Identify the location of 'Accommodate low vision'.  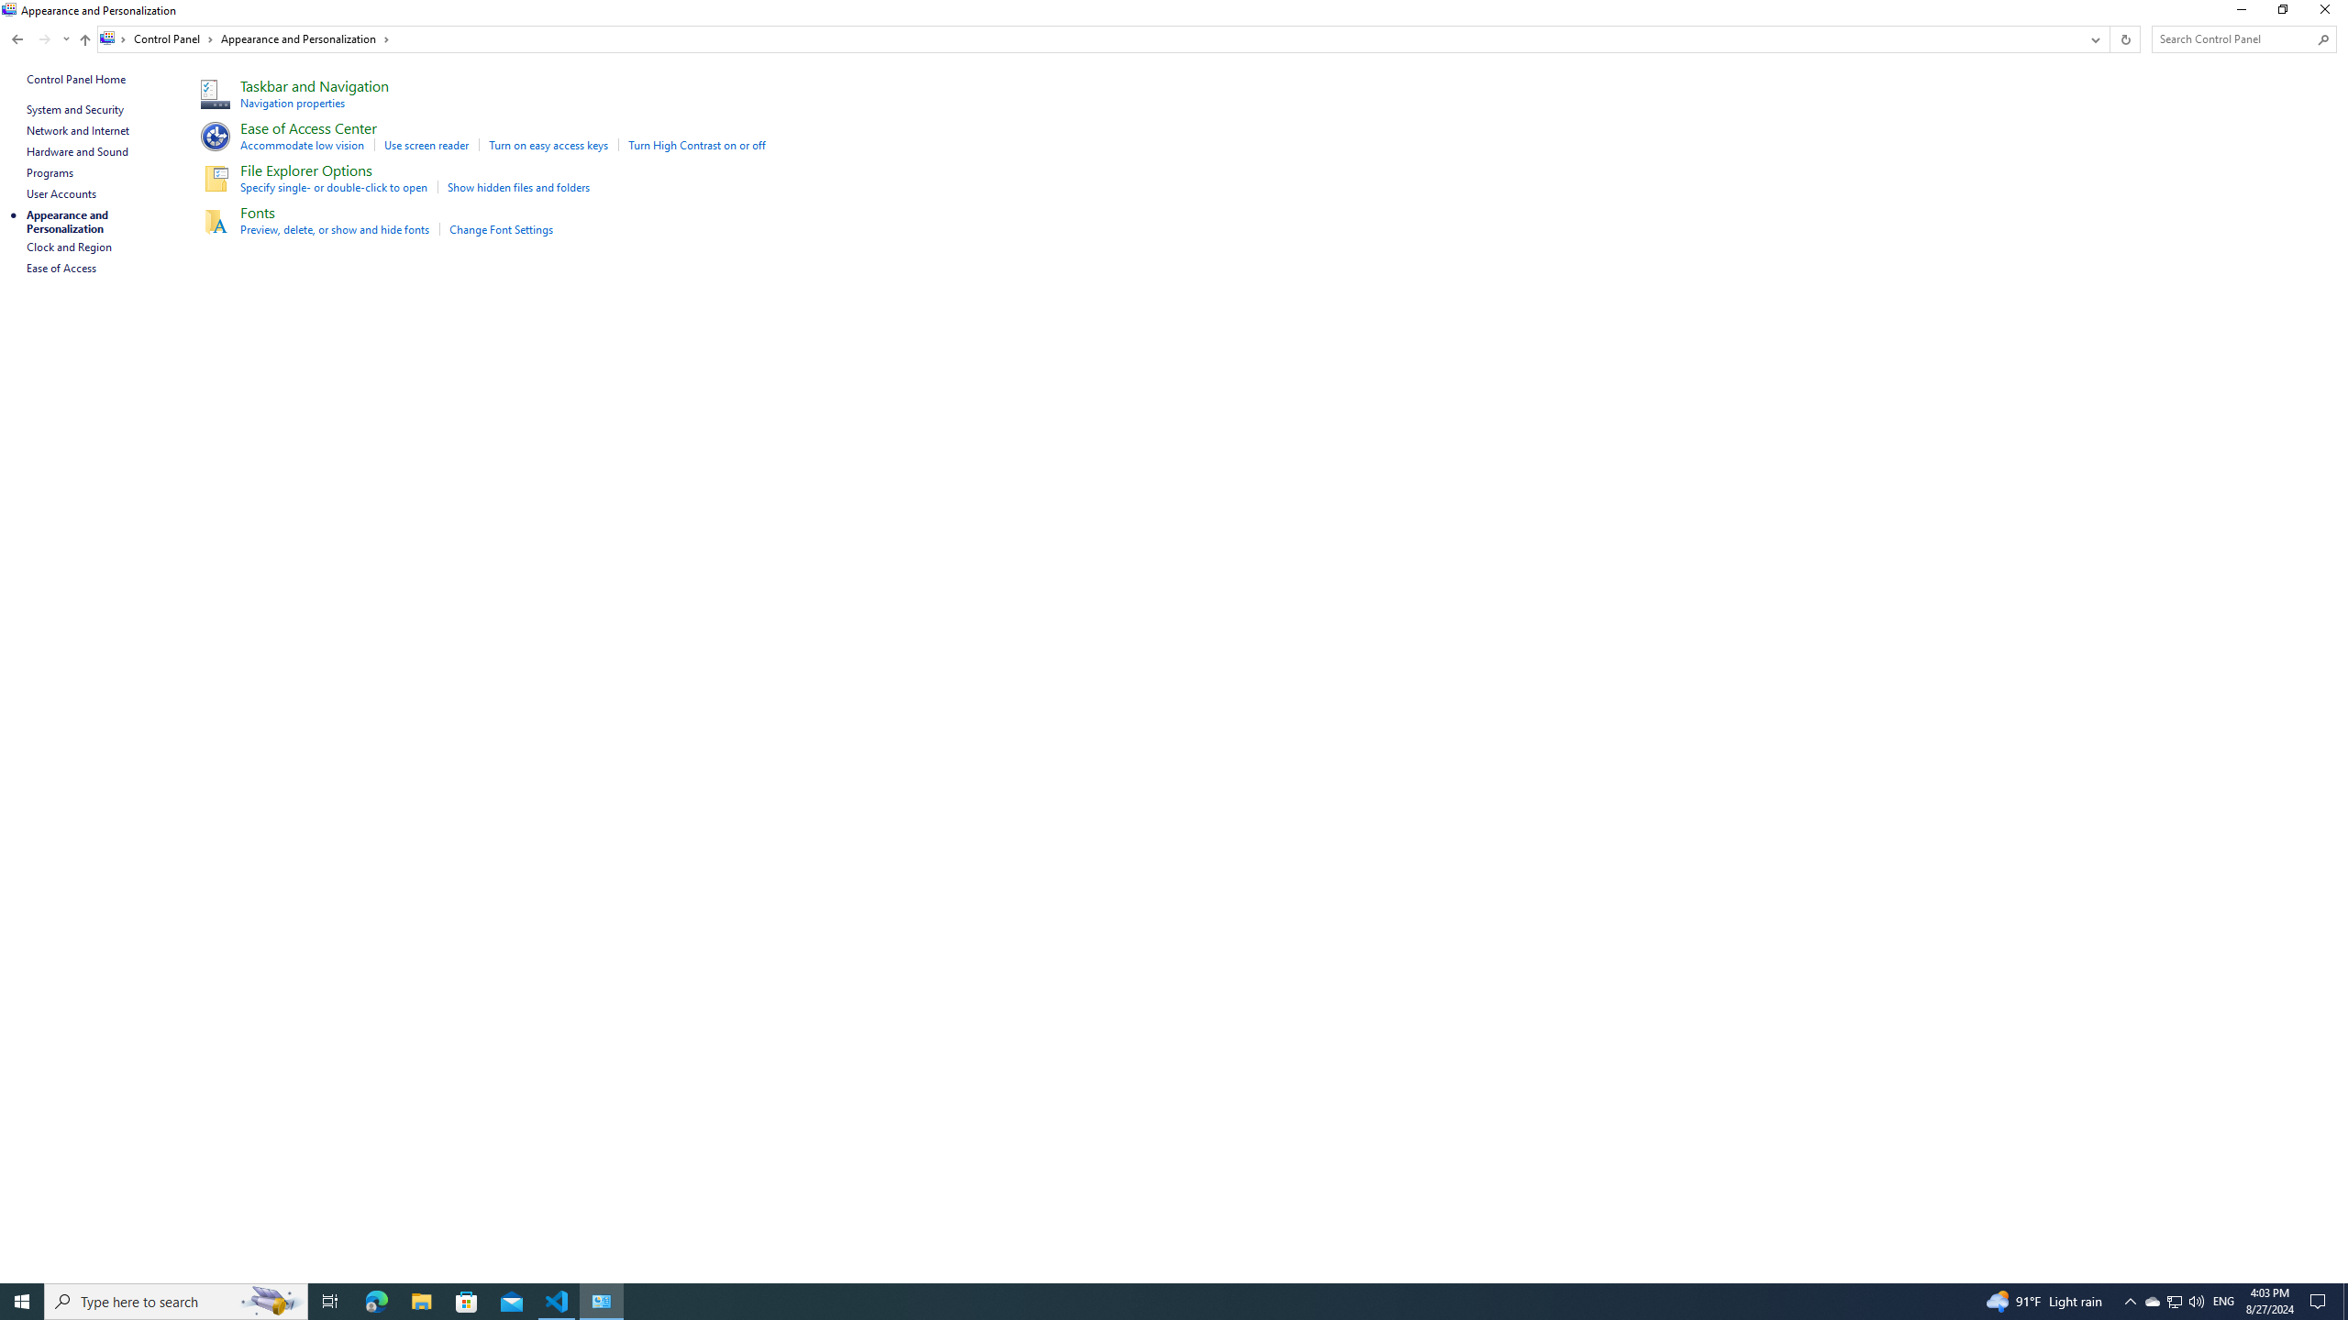
(303, 144).